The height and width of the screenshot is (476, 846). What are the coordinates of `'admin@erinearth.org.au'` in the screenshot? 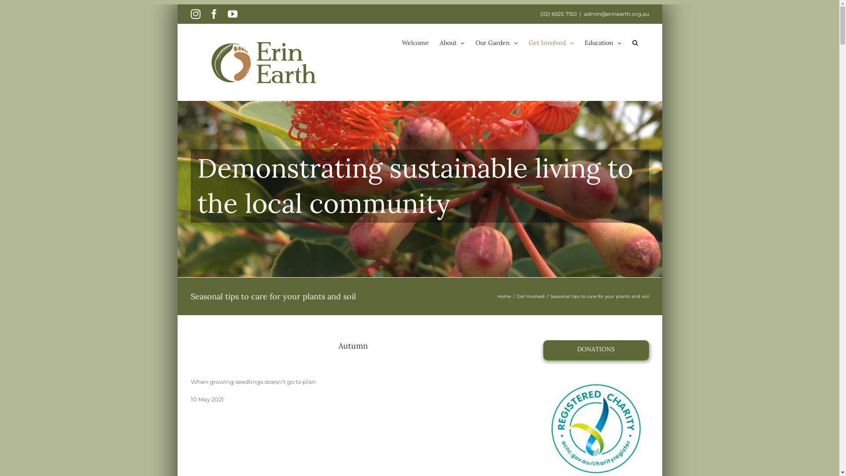 It's located at (615, 14).